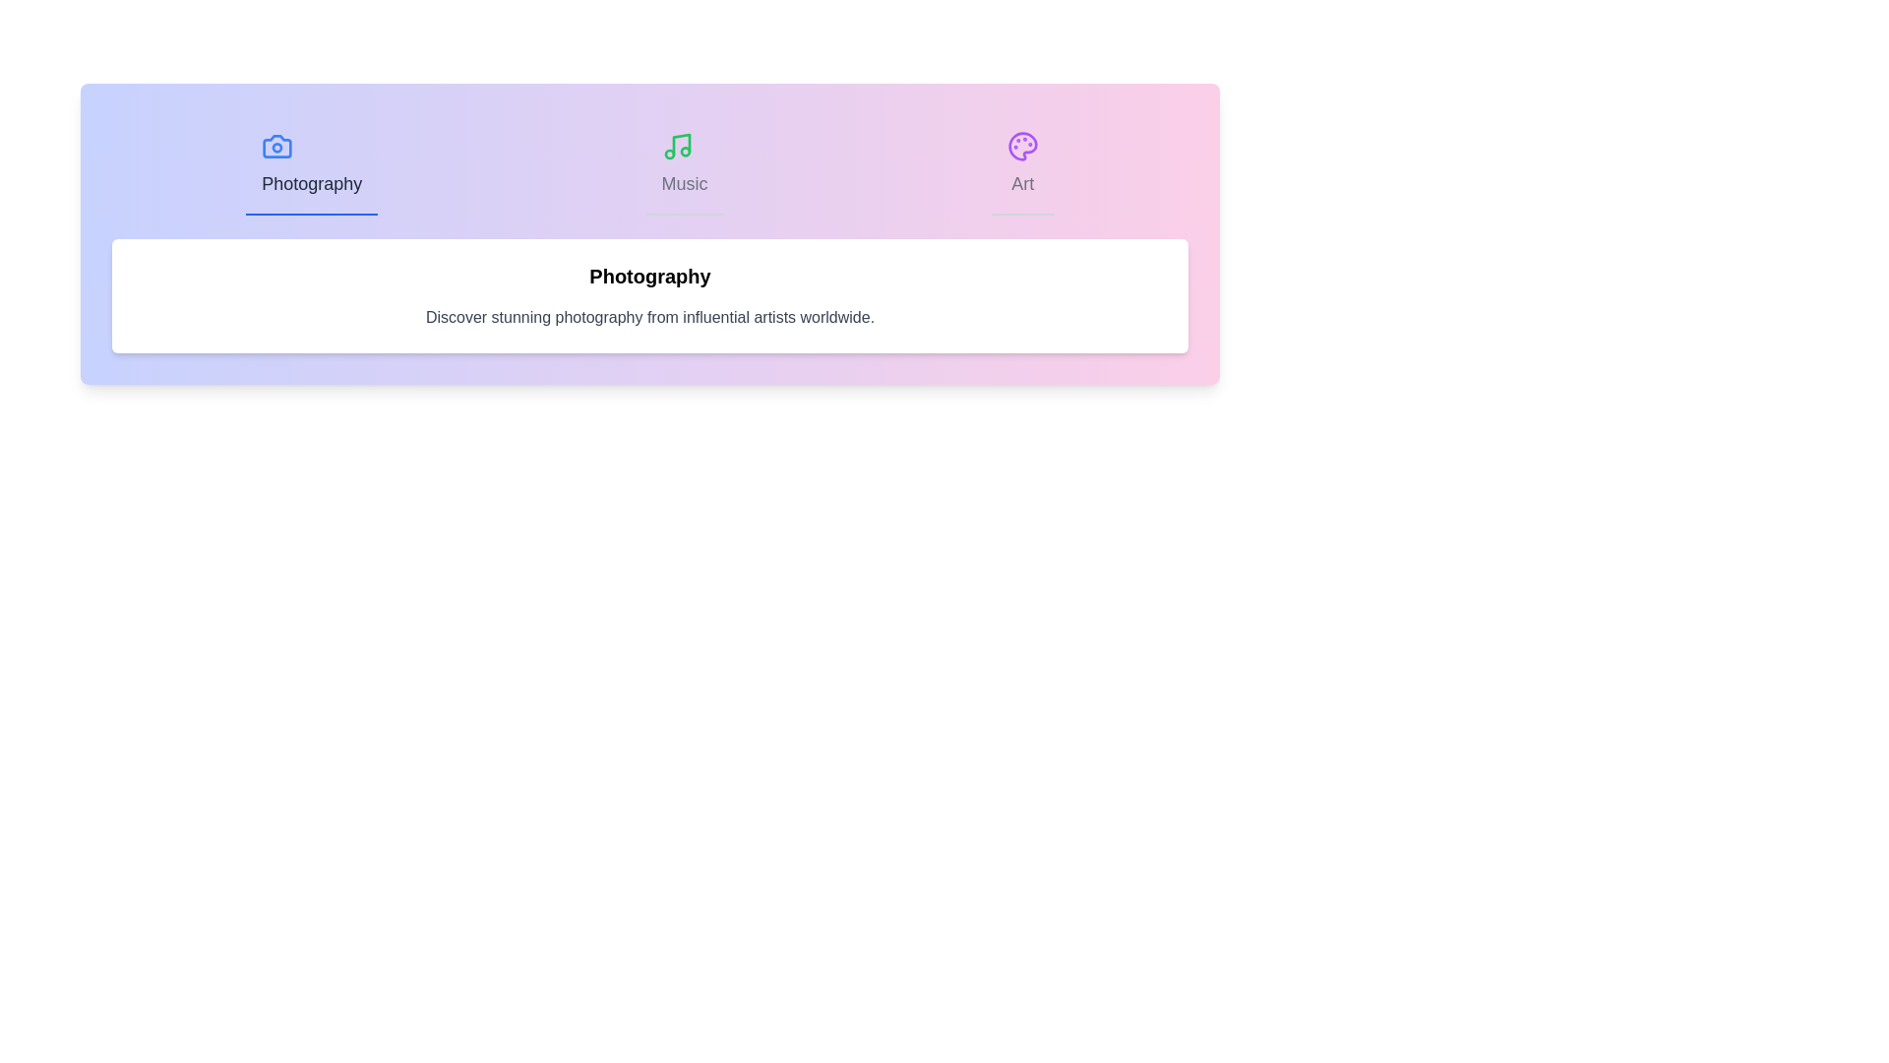 The width and height of the screenshot is (1889, 1063). Describe the element at coordinates (311, 164) in the screenshot. I see `the Photography tab to activate it and view its content` at that location.